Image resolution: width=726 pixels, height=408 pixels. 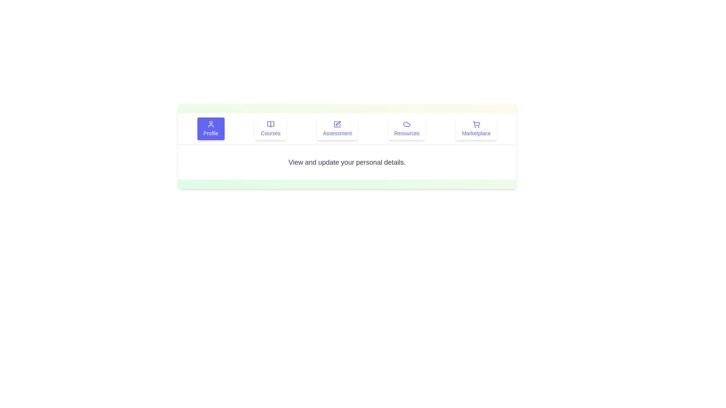 What do you see at coordinates (406, 124) in the screenshot?
I see `the cloud-shaped vector graphic icon located in the 'Resources' section, which is part of a rectangular button labeled 'Resources' in the second row of the interface` at bounding box center [406, 124].